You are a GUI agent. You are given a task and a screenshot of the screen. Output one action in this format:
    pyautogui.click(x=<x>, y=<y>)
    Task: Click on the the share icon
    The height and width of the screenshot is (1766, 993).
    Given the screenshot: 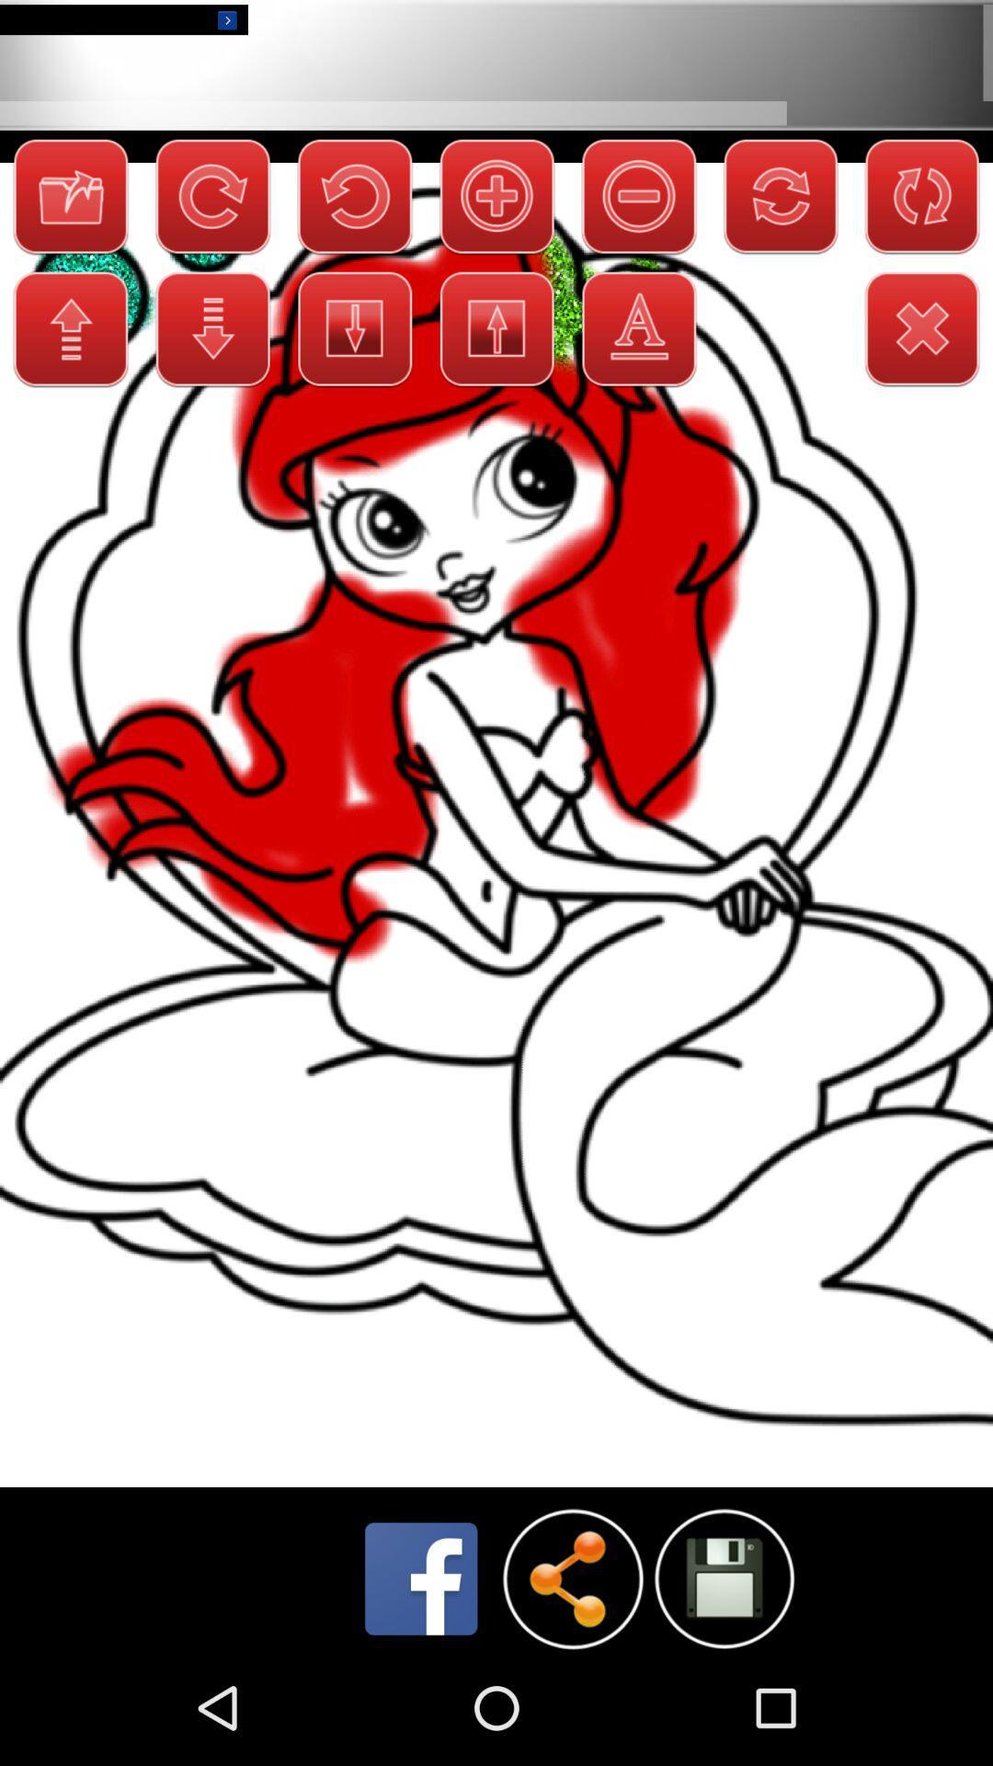 What is the action you would take?
    pyautogui.click(x=572, y=1690)
    